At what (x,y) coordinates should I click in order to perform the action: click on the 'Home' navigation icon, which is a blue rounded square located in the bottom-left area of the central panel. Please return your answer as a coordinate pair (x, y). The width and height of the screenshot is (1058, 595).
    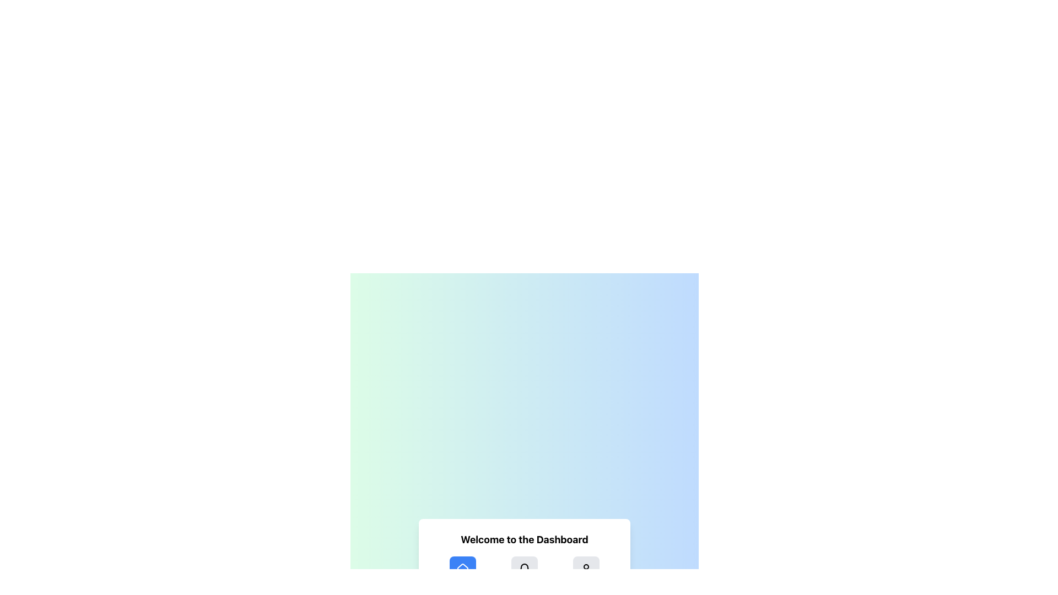
    Looking at the image, I should click on (463, 569).